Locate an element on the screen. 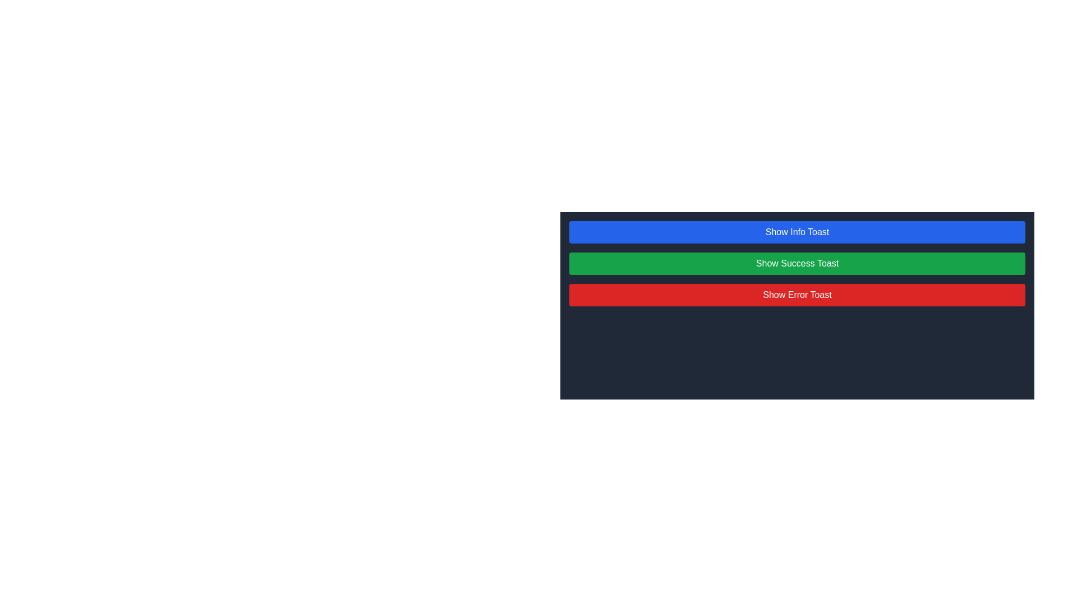 This screenshot has height=606, width=1077. the first button in the vertical stack, located at the top of its group within a dark gray panel is located at coordinates (797, 231).